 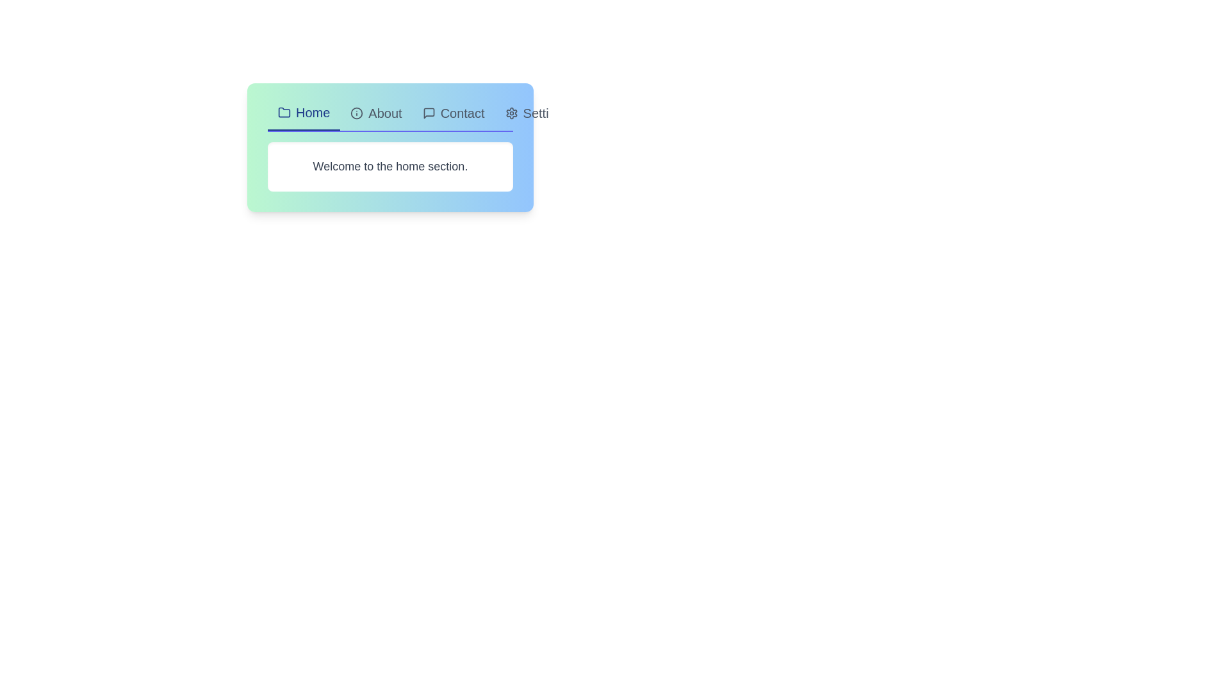 What do you see at coordinates (303, 117) in the screenshot?
I see `the tab labeled Home` at bounding box center [303, 117].